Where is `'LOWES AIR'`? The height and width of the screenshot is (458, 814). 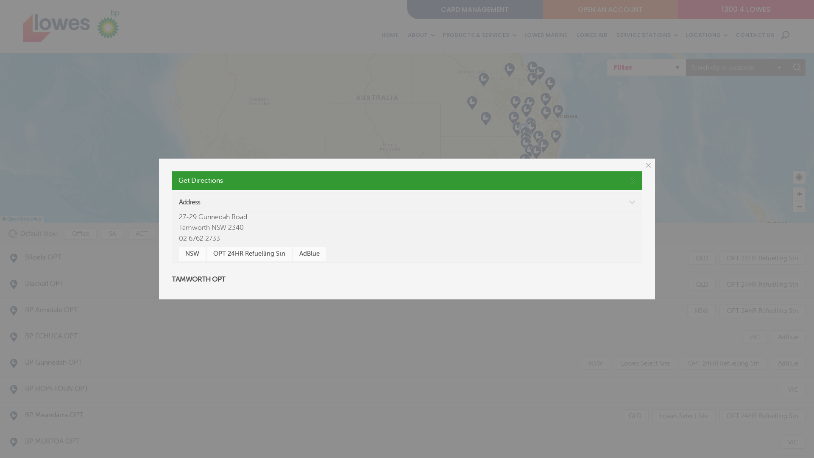
'LOWES AIR' is located at coordinates (591, 35).